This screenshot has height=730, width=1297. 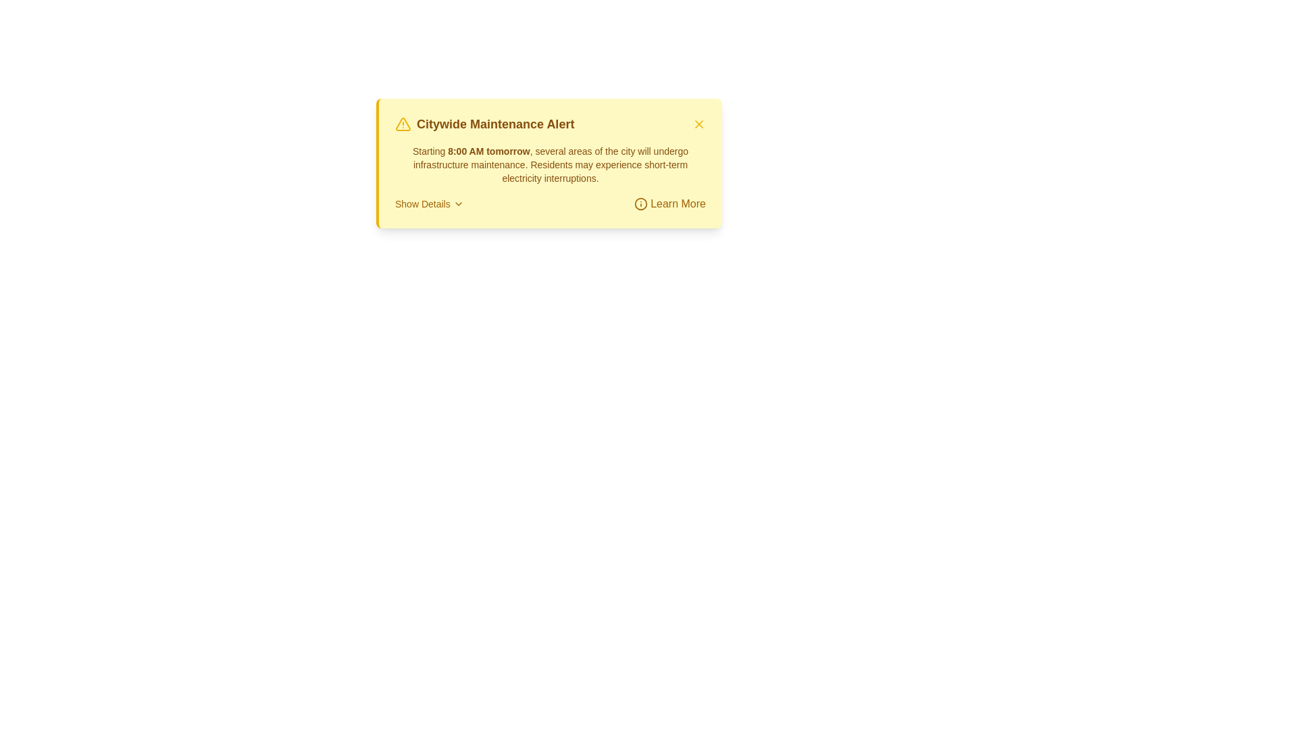 What do you see at coordinates (402, 124) in the screenshot?
I see `the alert icon located at the top-left of the notification card, which serves as a visual indicator of an important event or announcement` at bounding box center [402, 124].